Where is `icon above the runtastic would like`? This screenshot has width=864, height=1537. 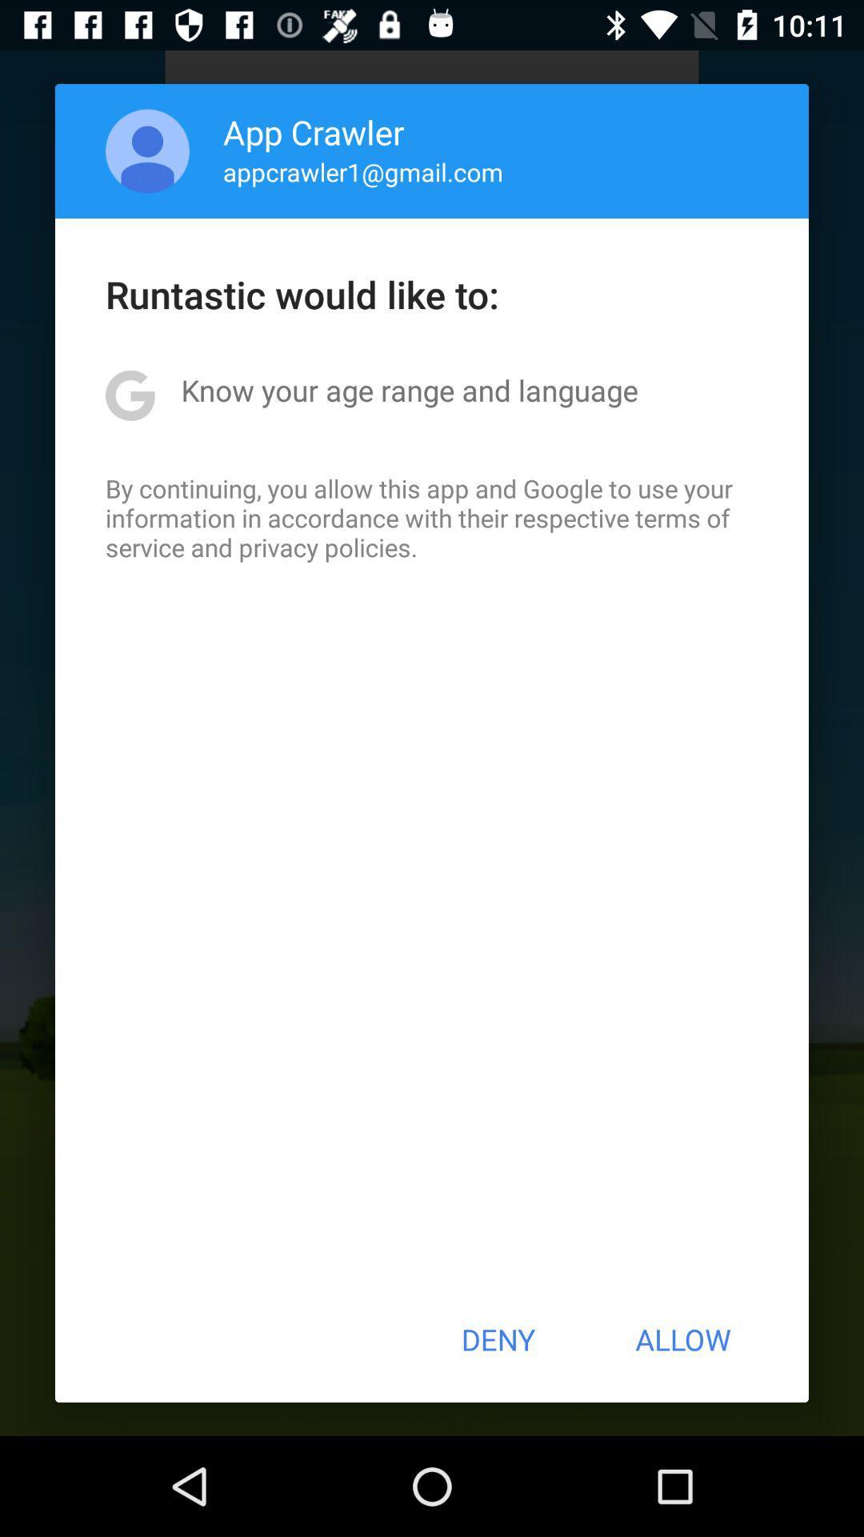 icon above the runtastic would like is located at coordinates (363, 171).